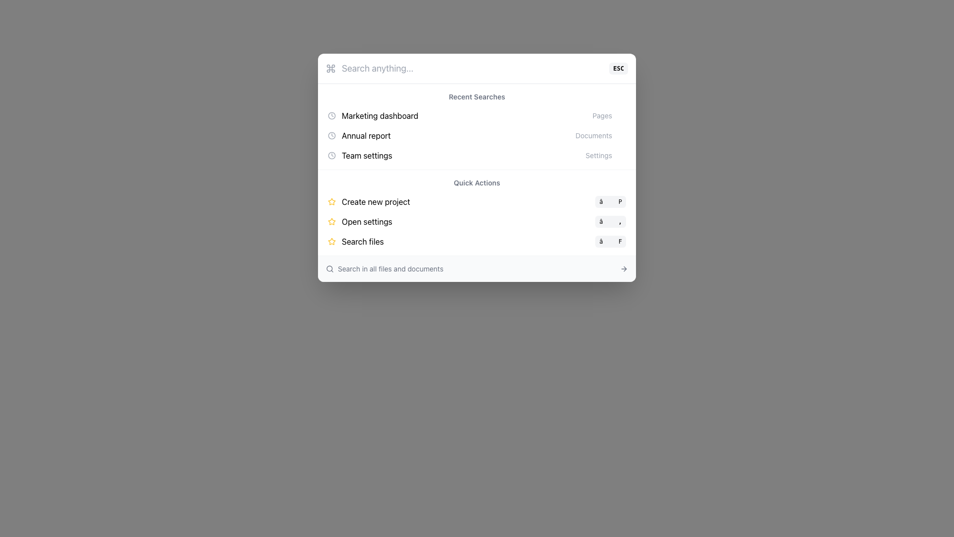 This screenshot has height=537, width=954. Describe the element at coordinates (331, 221) in the screenshot. I see `the 'Create new project' icon in the 'Quick Actions' section, which is the first icon in the row` at that location.